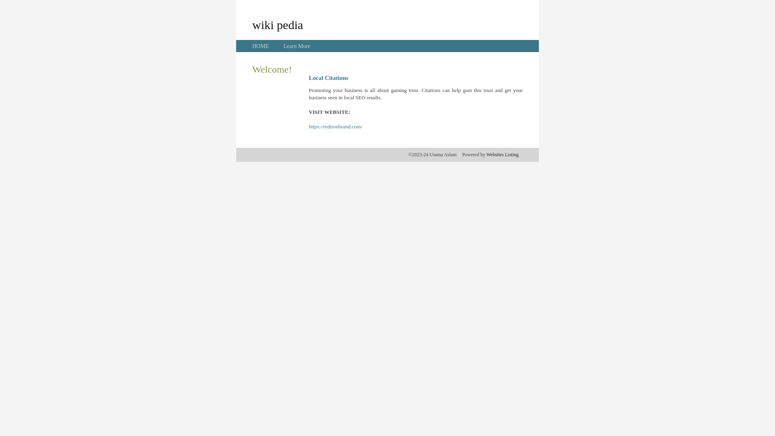 This screenshot has height=436, width=775. What do you see at coordinates (296, 46) in the screenshot?
I see `'Learn More'` at bounding box center [296, 46].